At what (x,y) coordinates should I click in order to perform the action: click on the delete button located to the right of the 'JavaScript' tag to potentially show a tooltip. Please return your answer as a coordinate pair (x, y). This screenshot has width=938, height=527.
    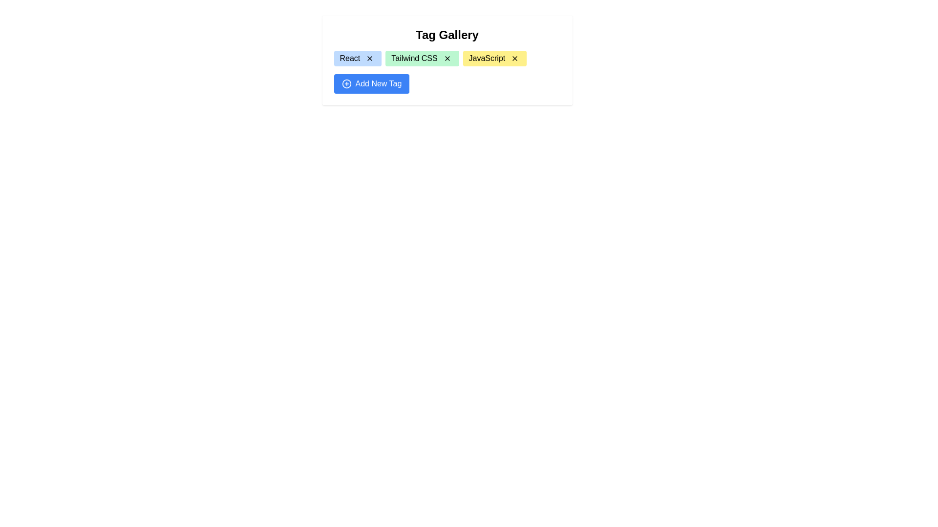
    Looking at the image, I should click on (514, 58).